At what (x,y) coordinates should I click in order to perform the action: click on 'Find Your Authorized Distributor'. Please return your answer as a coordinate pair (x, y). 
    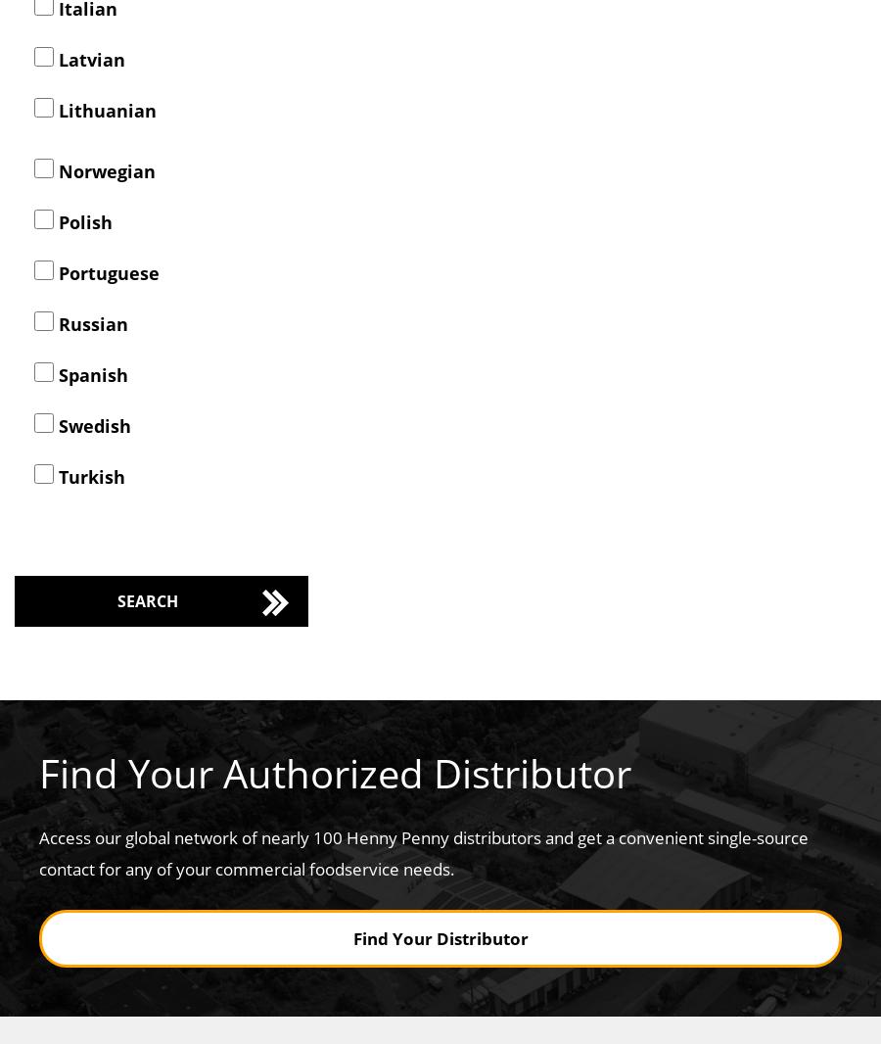
    Looking at the image, I should click on (37, 771).